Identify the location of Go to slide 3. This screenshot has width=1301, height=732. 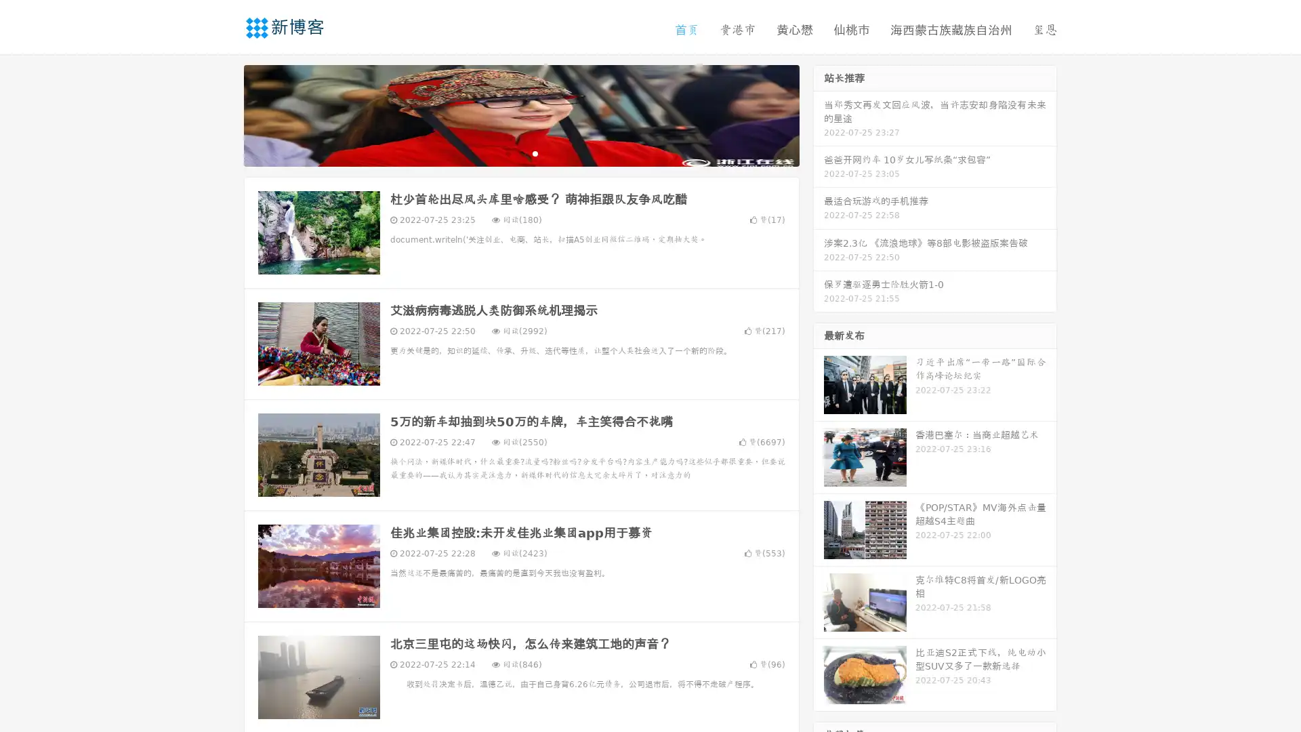
(535, 152).